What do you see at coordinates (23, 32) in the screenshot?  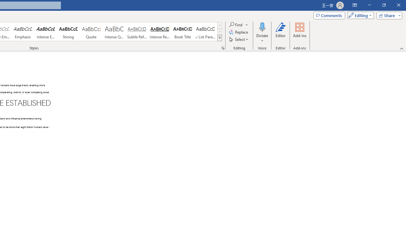 I see `'Emphasis'` at bounding box center [23, 32].